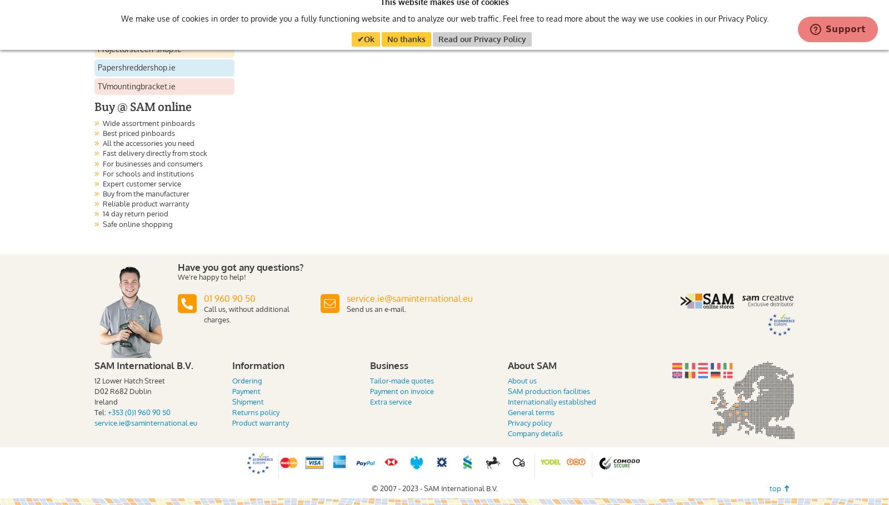 Image resolution: width=889 pixels, height=505 pixels. I want to click on 'Returns policy', so click(254, 411).